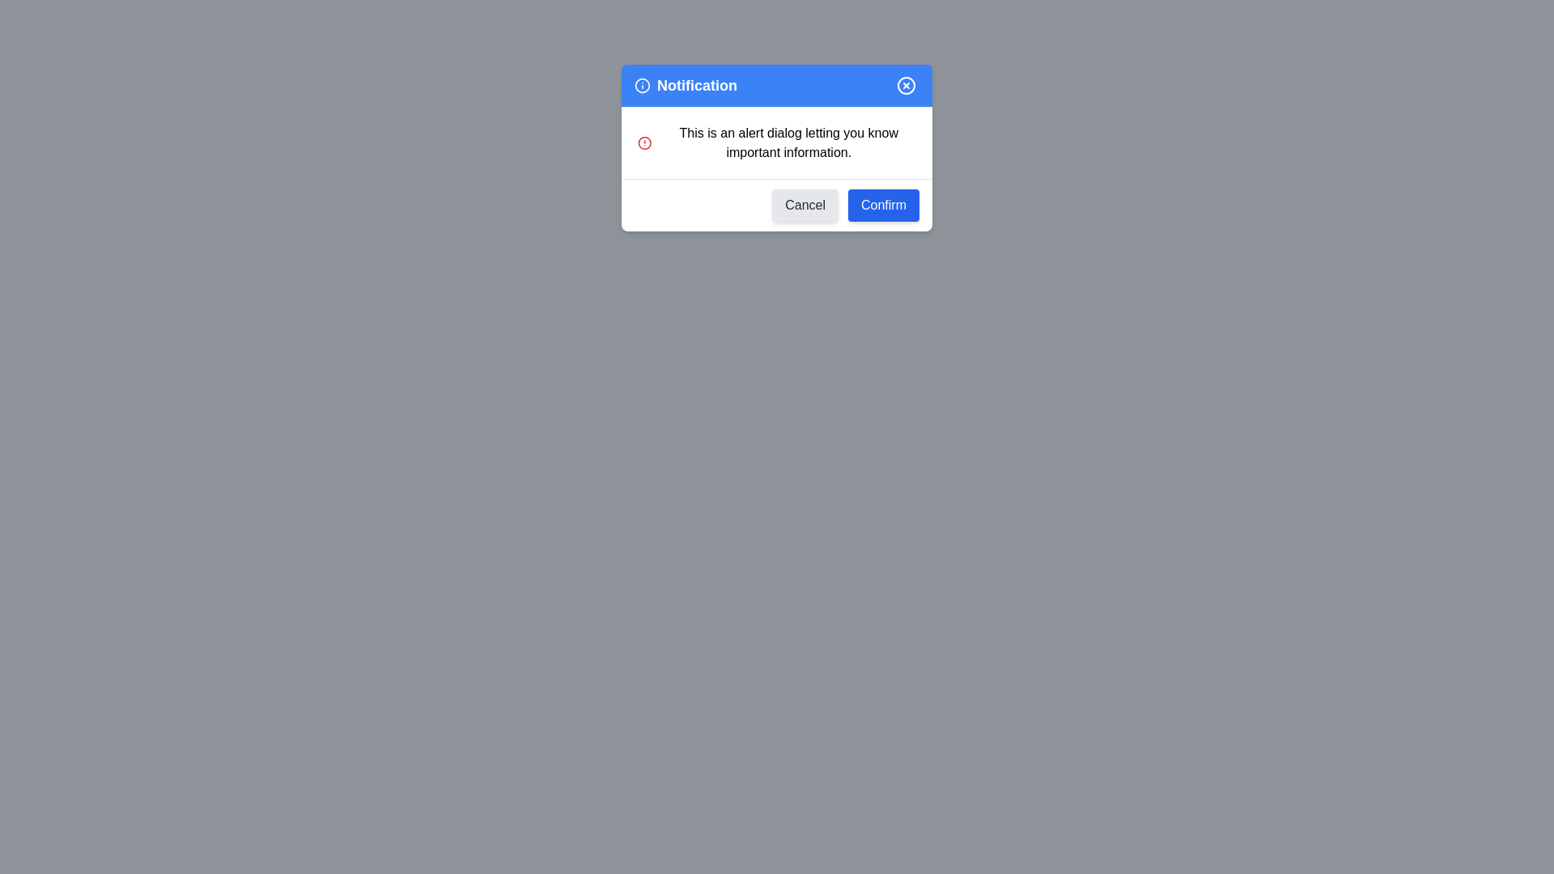  Describe the element at coordinates (905, 85) in the screenshot. I see `the decorative circle element of the close button in the notification dialog box` at that location.